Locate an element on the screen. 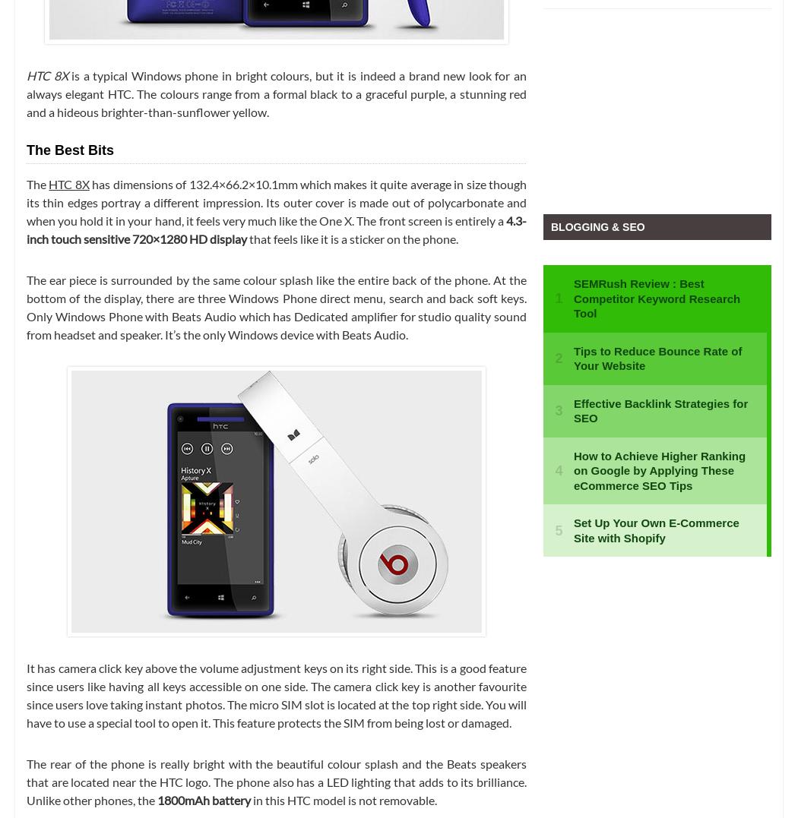  'The' is located at coordinates (26, 183).